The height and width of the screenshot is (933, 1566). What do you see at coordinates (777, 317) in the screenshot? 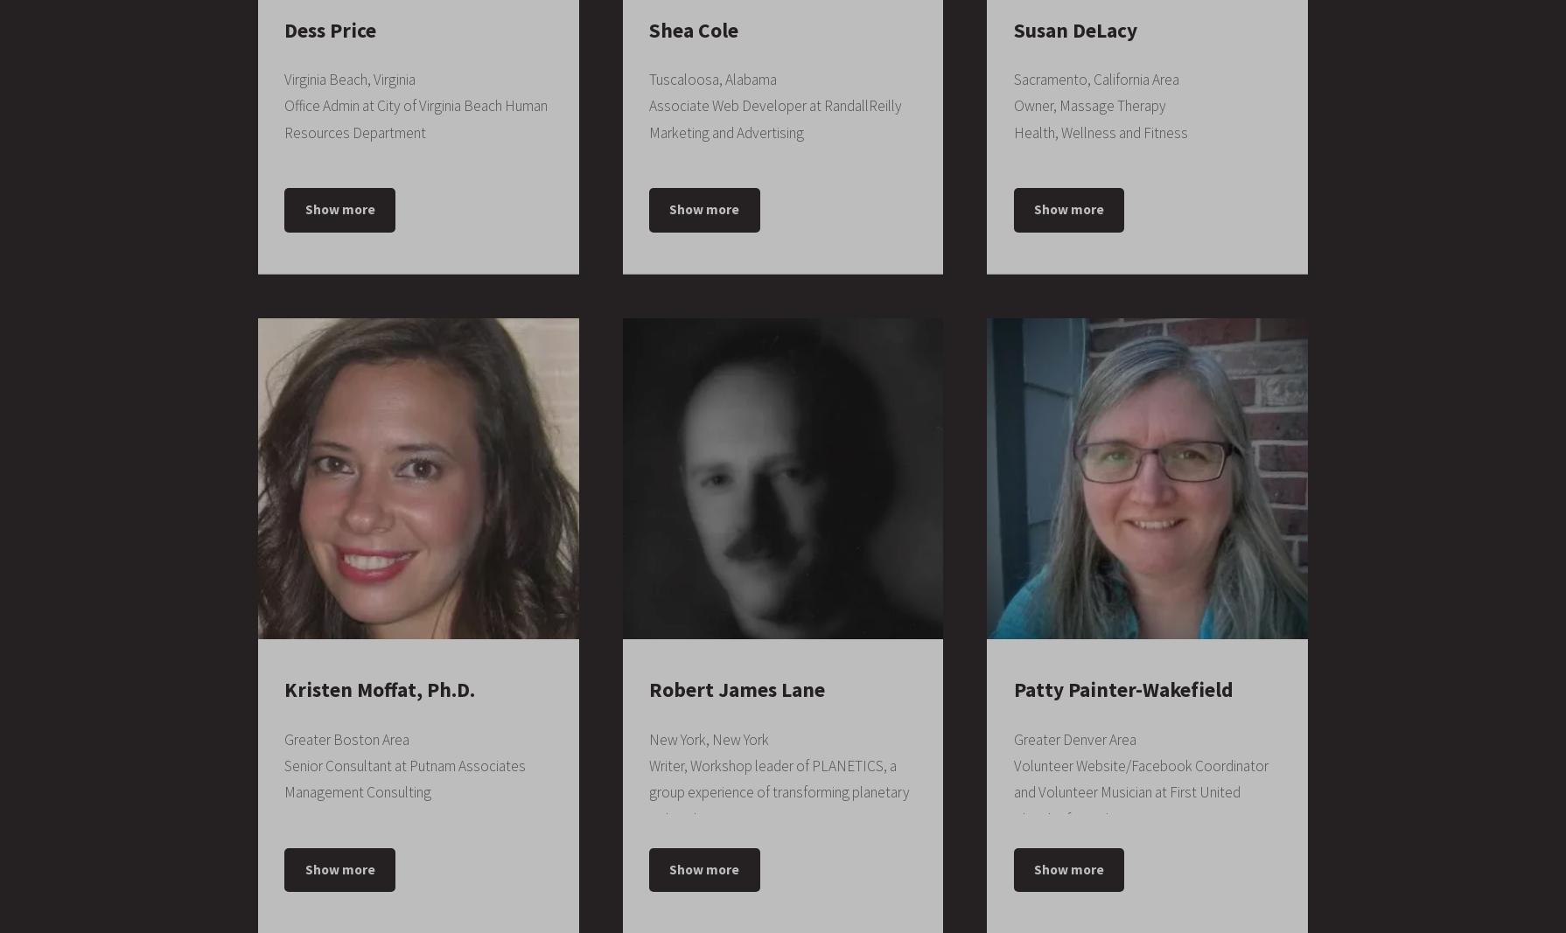
I see `'Community Outreach, Leadership, Music Ministry, Nonprofits, Public Speaking, Teaching, Music, Biblical Studies, Theology, Fundraising, Volunteer Management, Preaching, Pastoral Care, Religion, Discipleship, Event Planning, Leadership Development, Program Development, Church Events, Pastoral Counseling, Missions, Youth Ministry, Spiritual Direction'` at bounding box center [777, 317].